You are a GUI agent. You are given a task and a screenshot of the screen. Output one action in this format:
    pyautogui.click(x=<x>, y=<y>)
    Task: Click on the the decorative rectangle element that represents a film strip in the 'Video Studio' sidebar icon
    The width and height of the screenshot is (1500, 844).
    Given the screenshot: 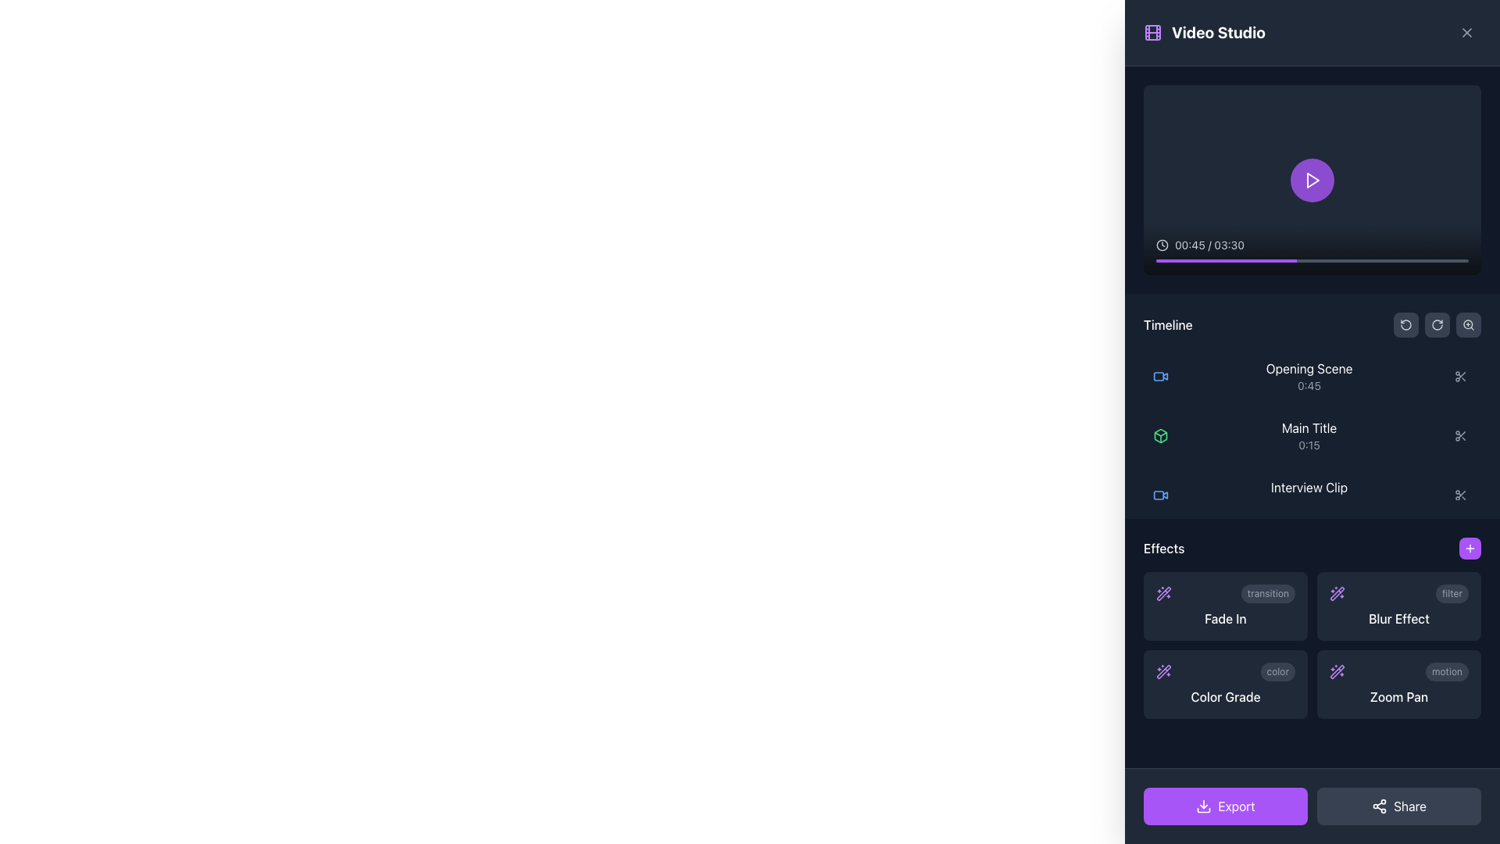 What is the action you would take?
    pyautogui.click(x=1153, y=33)
    